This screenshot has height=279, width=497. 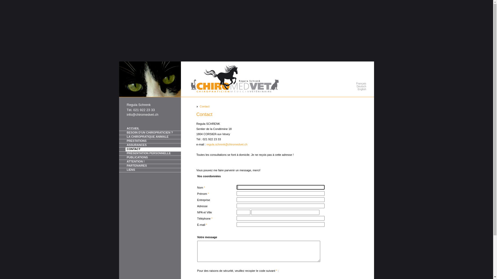 I want to click on 'English', so click(x=343, y=89).